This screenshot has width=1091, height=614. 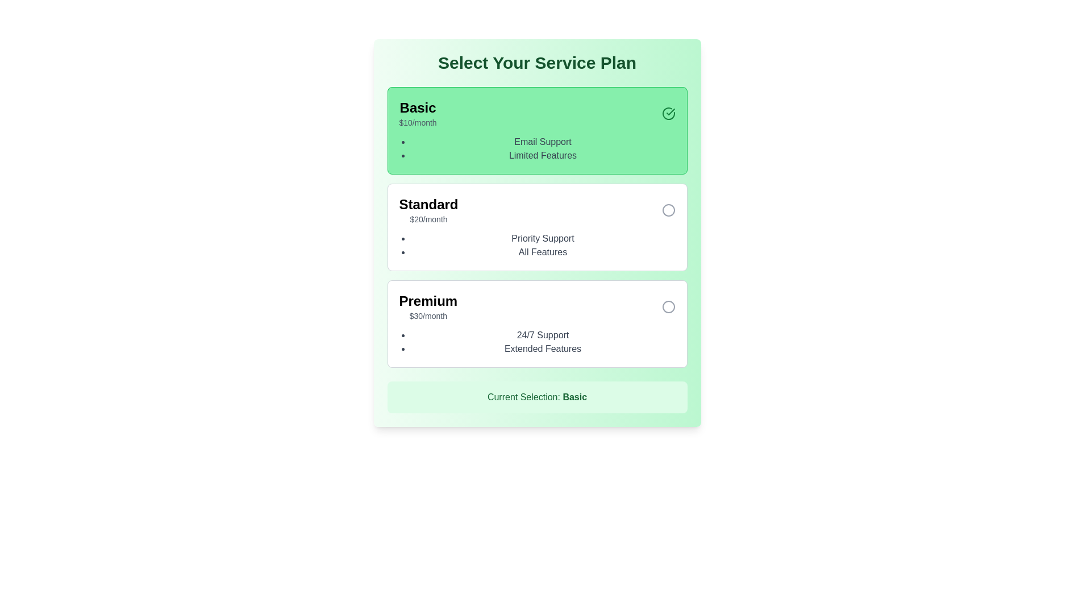 I want to click on the radio button styled as an SVG circle located in the bottom-right corner of the 'Premium' service plan card, so click(x=668, y=307).